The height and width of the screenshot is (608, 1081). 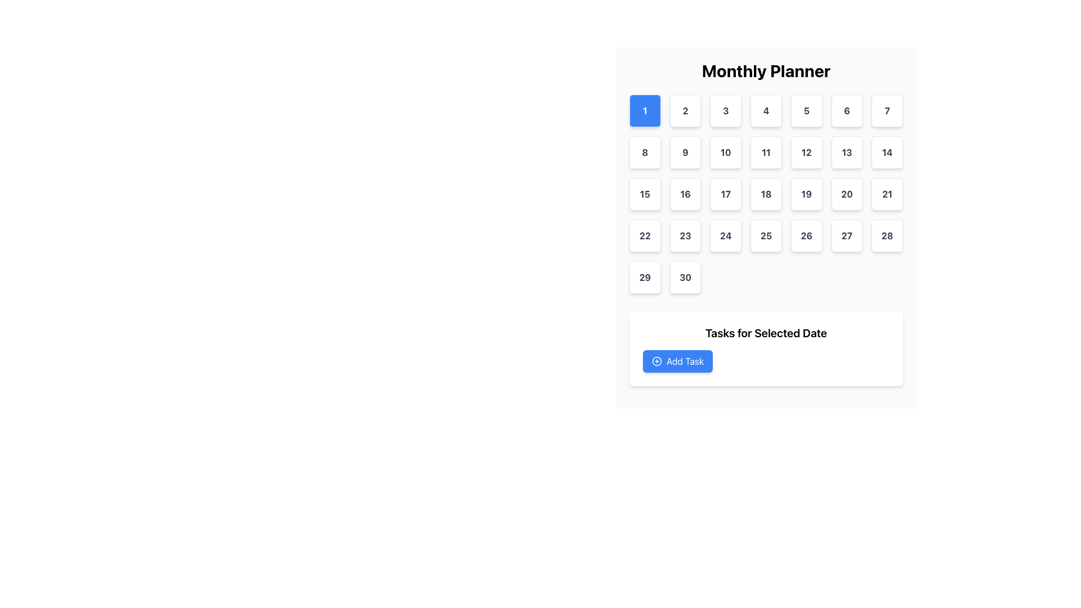 I want to click on the button representing a specific date in the calendar layout, located in the fourth row and fourth column below the 'Monthly Planner' label, so click(x=766, y=235).